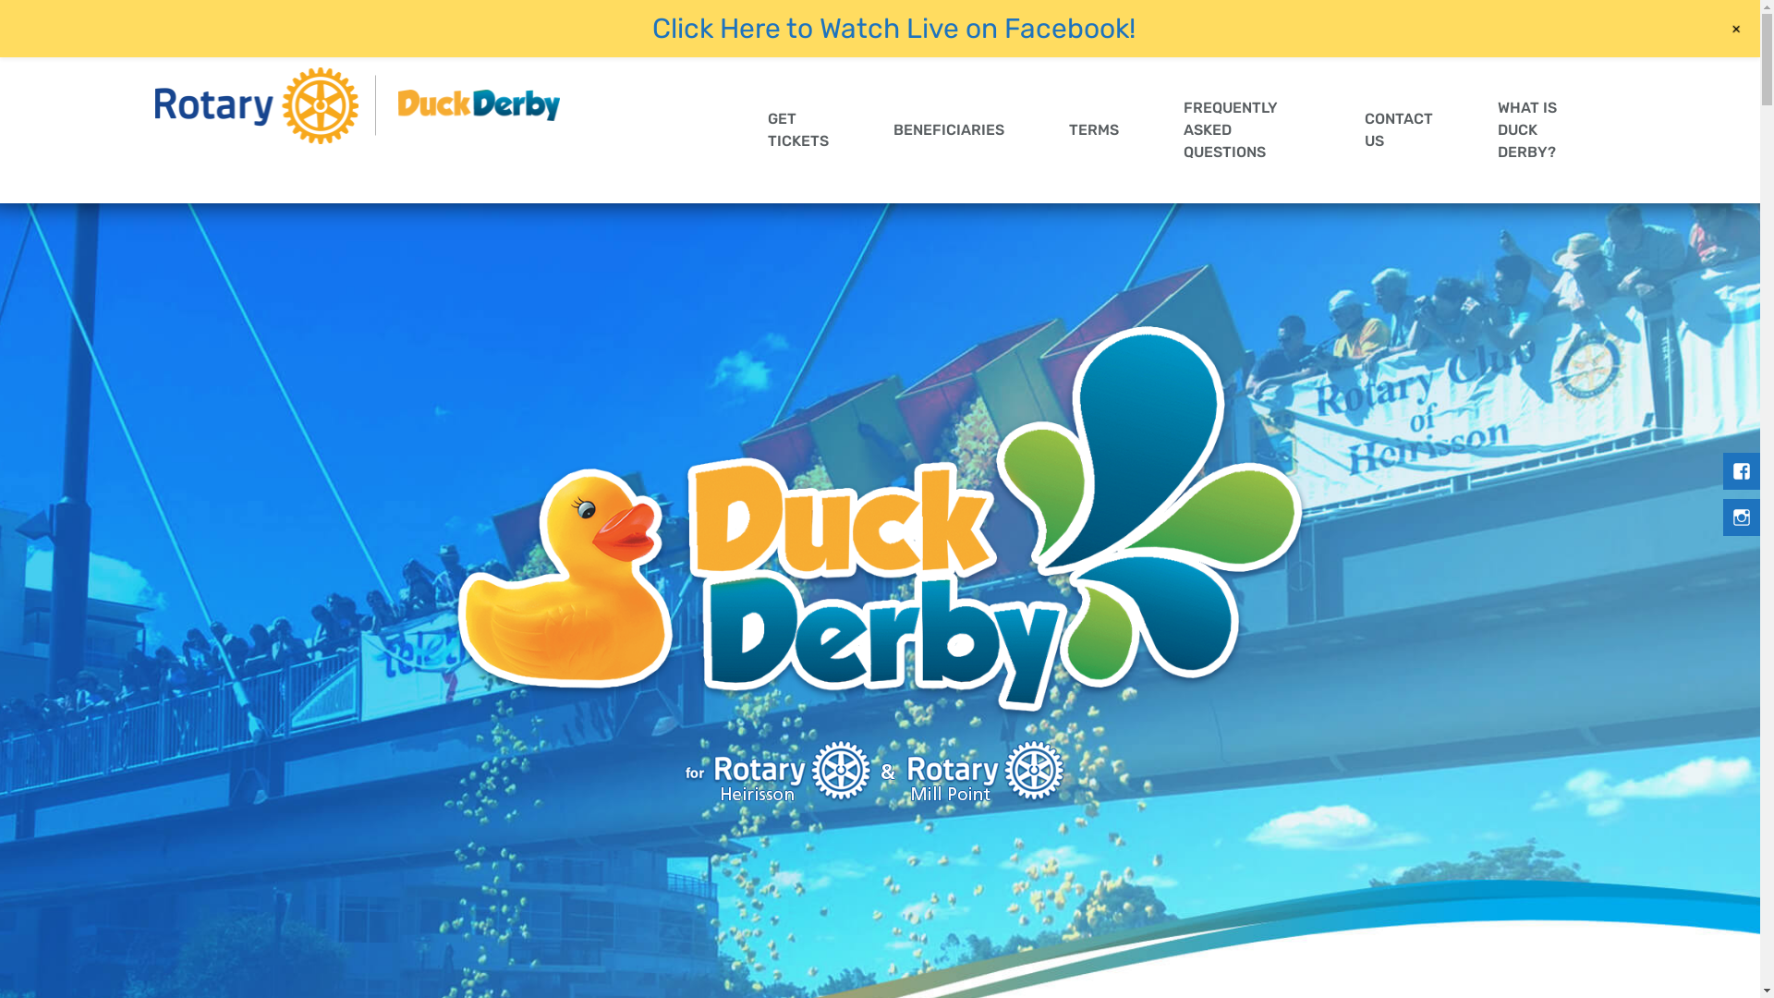 The image size is (1774, 998). Describe the element at coordinates (1398, 129) in the screenshot. I see `'CONTACT US'` at that location.